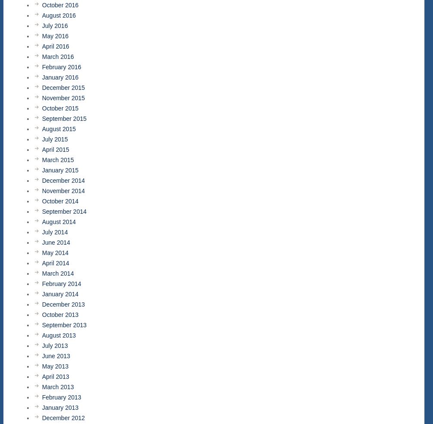 The width and height of the screenshot is (433, 424). What do you see at coordinates (63, 418) in the screenshot?
I see `'December 2012'` at bounding box center [63, 418].